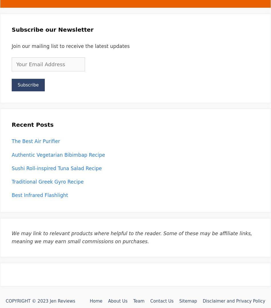 The height and width of the screenshot is (308, 271). What do you see at coordinates (12, 168) in the screenshot?
I see `'Sushi Roll-inspired Tuna Salad Recipe'` at bounding box center [12, 168].